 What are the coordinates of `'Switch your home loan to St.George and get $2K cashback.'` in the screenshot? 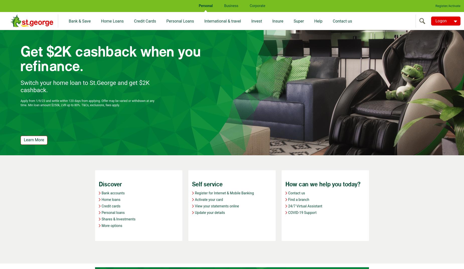 It's located at (85, 86).